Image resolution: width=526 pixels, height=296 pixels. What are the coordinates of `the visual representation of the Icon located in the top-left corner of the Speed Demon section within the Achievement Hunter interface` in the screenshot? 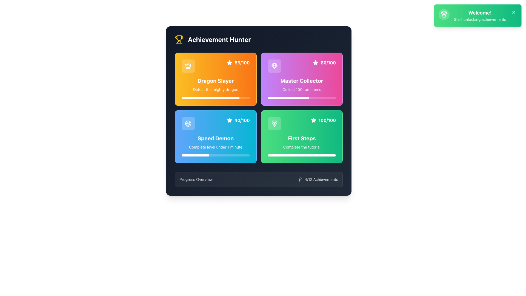 It's located at (188, 124).